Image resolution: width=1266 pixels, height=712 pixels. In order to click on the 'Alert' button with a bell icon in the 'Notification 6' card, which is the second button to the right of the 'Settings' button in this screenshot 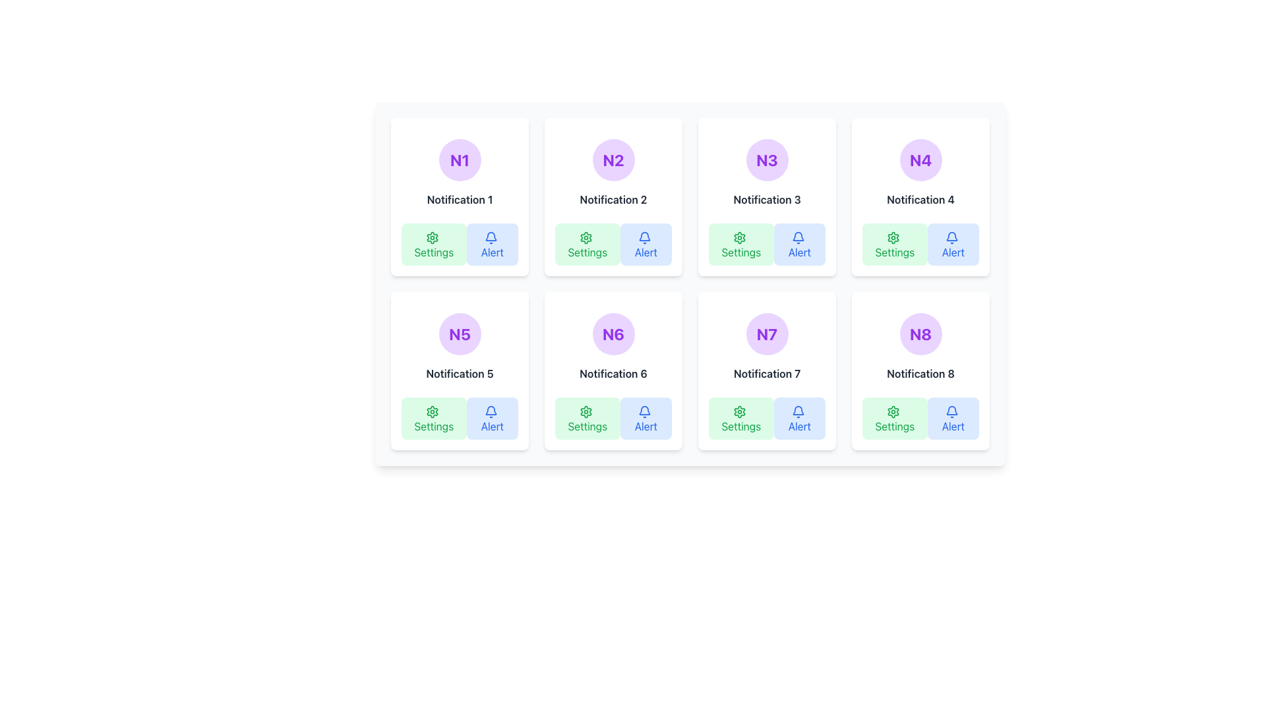, I will do `click(646, 419)`.